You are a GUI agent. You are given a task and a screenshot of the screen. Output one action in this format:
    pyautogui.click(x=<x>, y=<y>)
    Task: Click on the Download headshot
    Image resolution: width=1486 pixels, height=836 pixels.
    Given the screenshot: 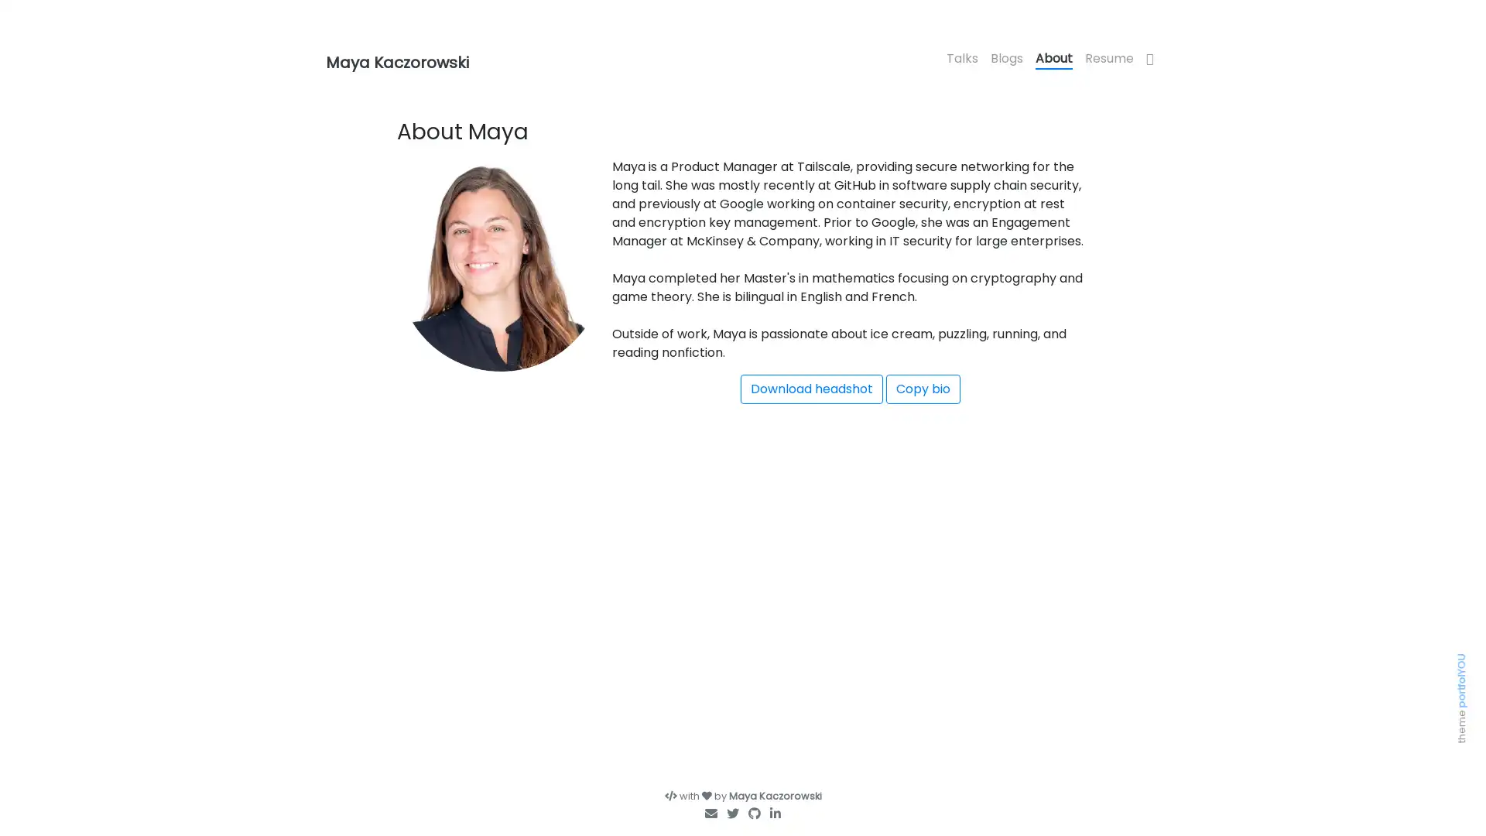 What is the action you would take?
    pyautogui.click(x=811, y=387)
    